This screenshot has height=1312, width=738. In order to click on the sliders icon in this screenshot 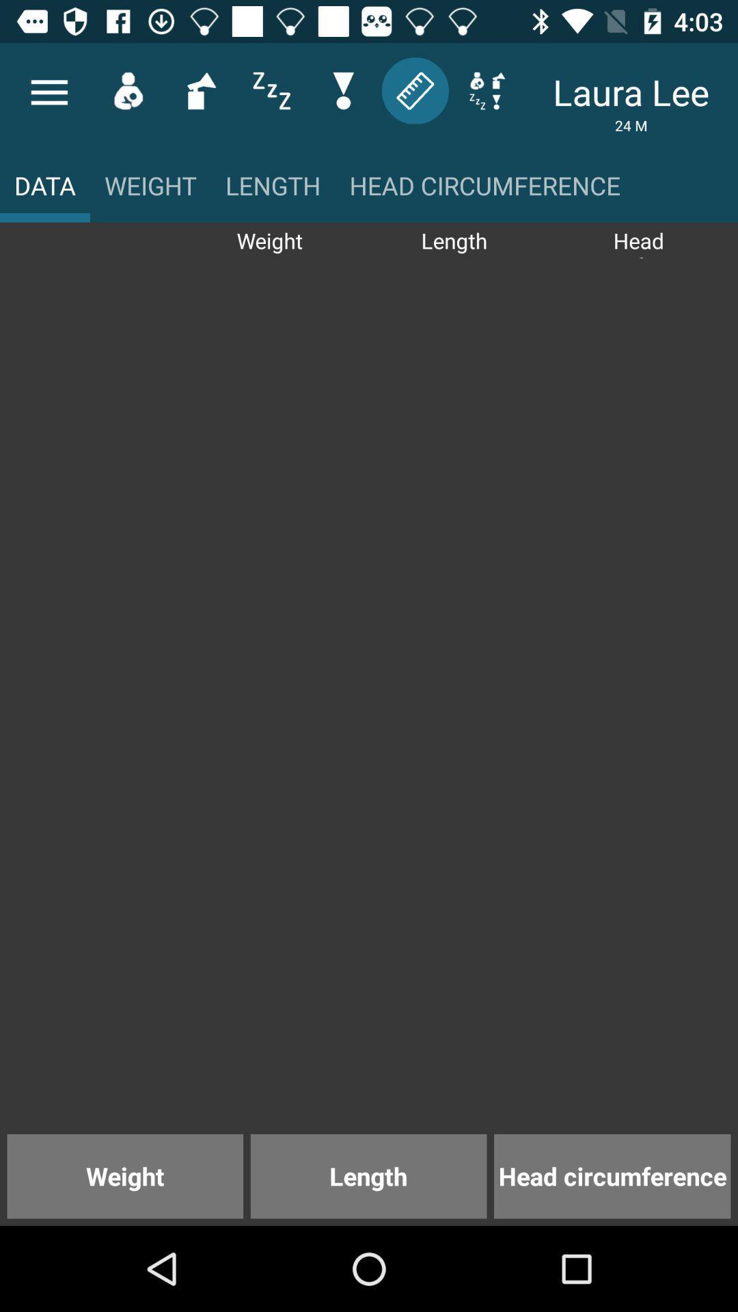, I will do `click(271, 90)`.